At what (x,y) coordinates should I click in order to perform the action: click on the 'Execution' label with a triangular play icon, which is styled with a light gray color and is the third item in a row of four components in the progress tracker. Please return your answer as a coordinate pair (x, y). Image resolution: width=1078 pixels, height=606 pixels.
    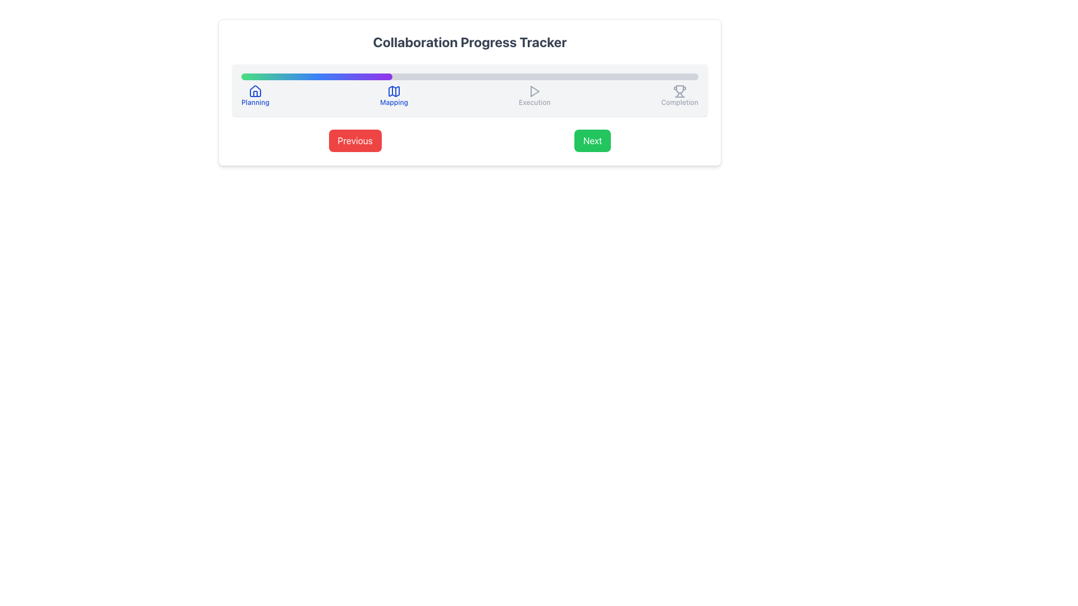
    Looking at the image, I should click on (534, 95).